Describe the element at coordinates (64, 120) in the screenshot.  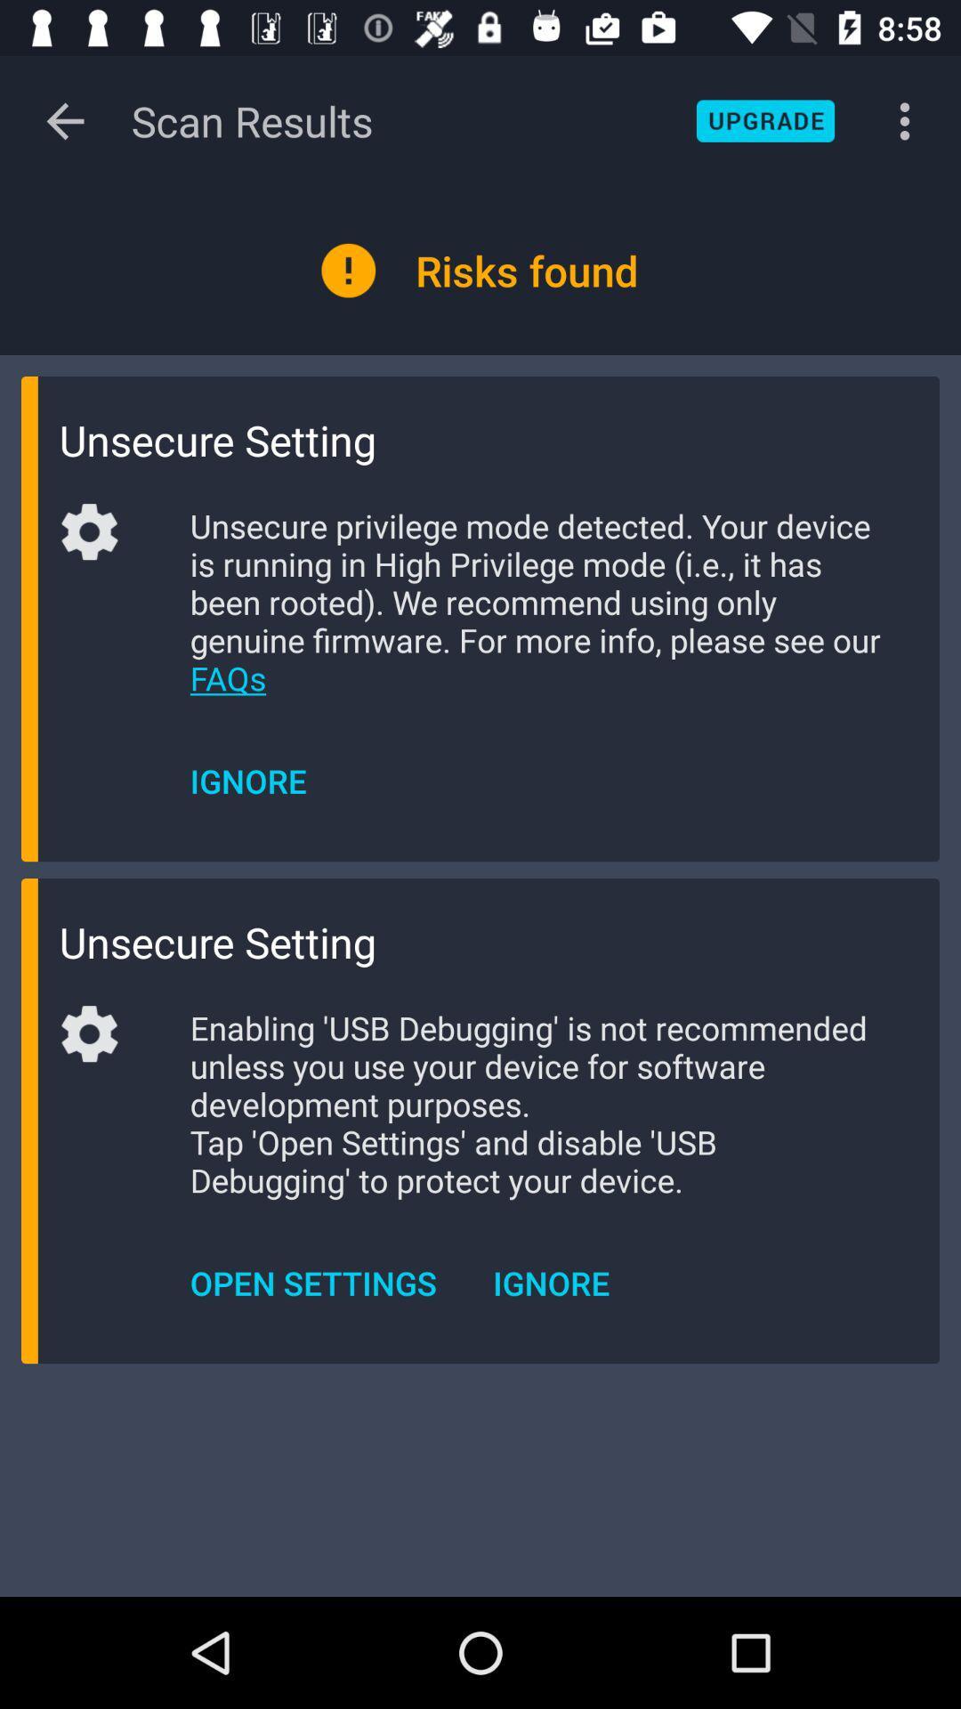
I see `the item to the left of the scan results` at that location.